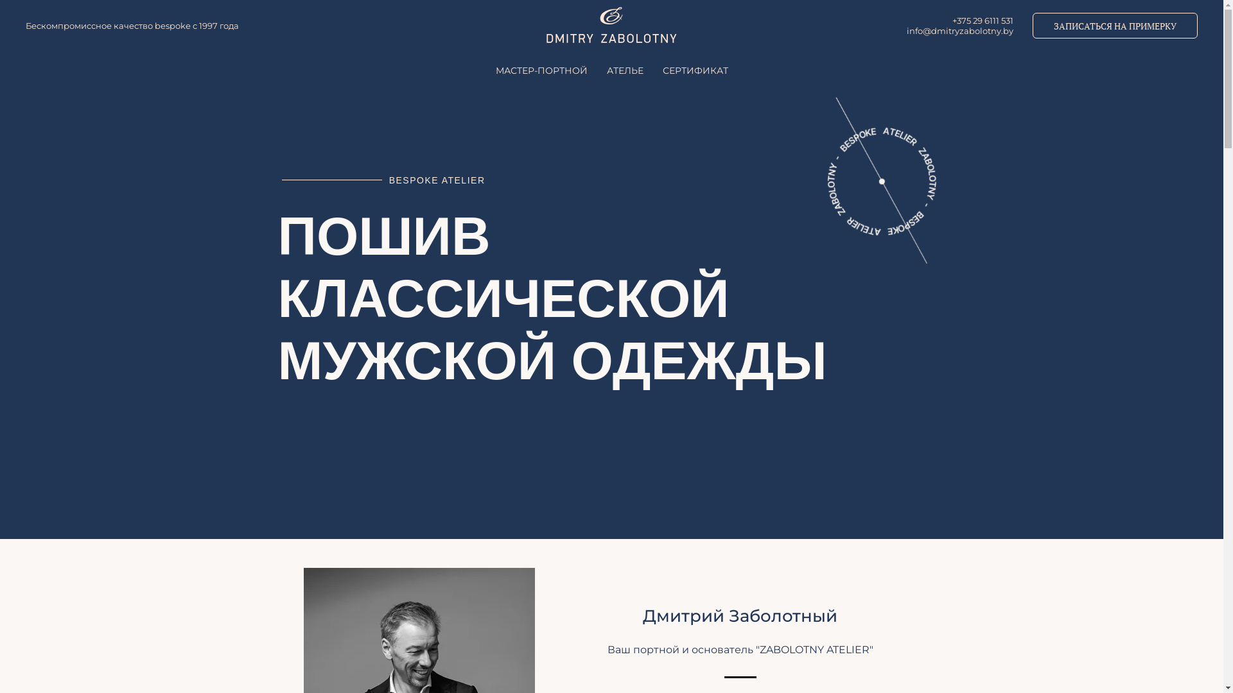 The height and width of the screenshot is (693, 1233). What do you see at coordinates (982, 20) in the screenshot?
I see `'+375 29 6111 531'` at bounding box center [982, 20].